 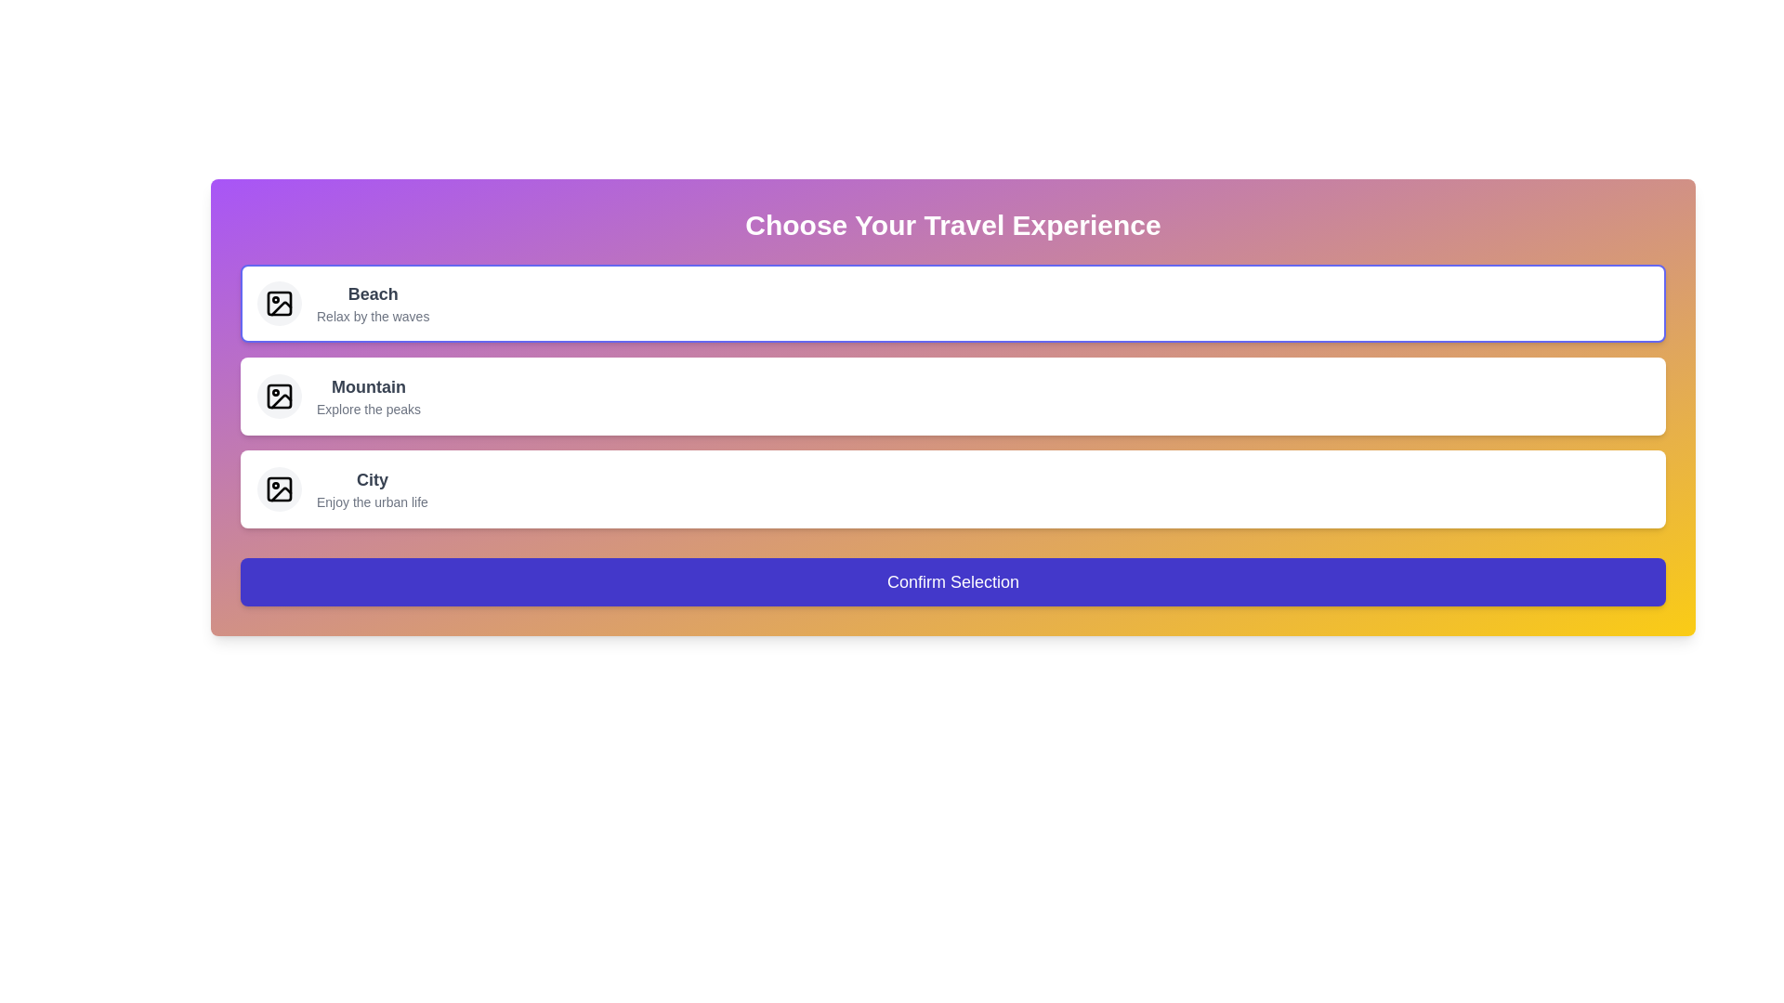 I want to click on the Mountain icon located in the Mountain option section, which is the first visual item before the texts 'Mountain' and 'Explore the peaks', so click(x=279, y=396).